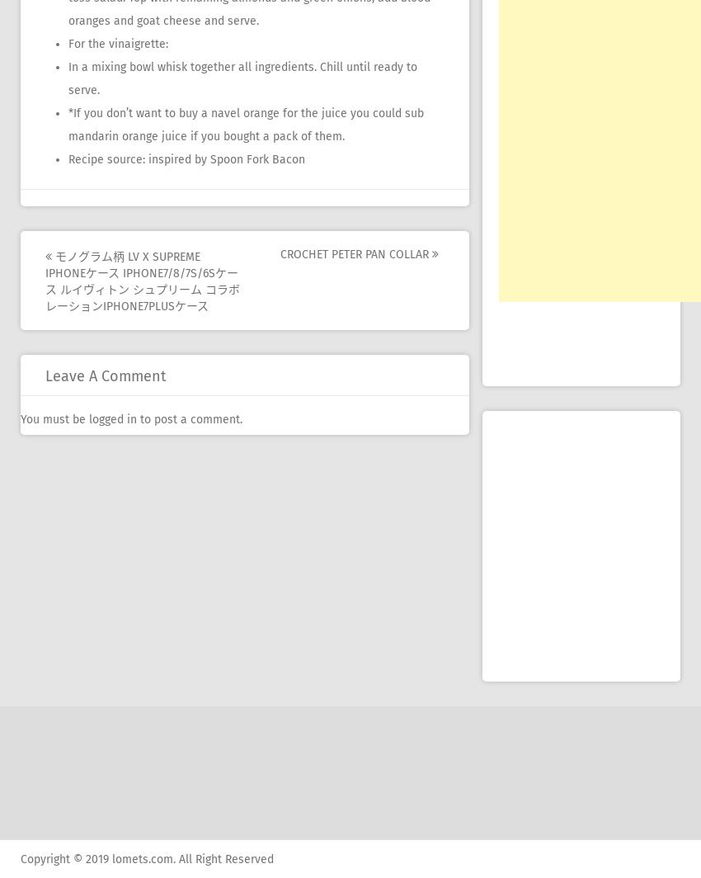 The height and width of the screenshot is (878, 701). What do you see at coordinates (246, 125) in the screenshot?
I see `'*If you don’t want to buy a navel orange for the juice you could sub mandarin orange juice if you bought a pack of them.'` at bounding box center [246, 125].